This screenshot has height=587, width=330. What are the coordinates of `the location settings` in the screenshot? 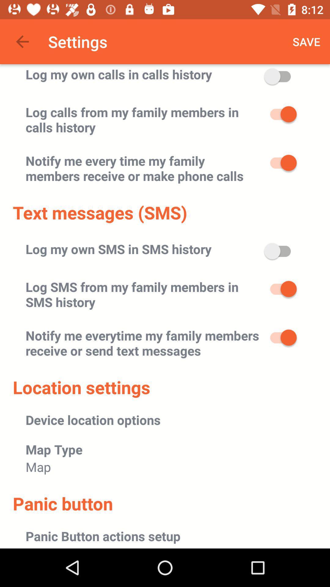 It's located at (81, 387).